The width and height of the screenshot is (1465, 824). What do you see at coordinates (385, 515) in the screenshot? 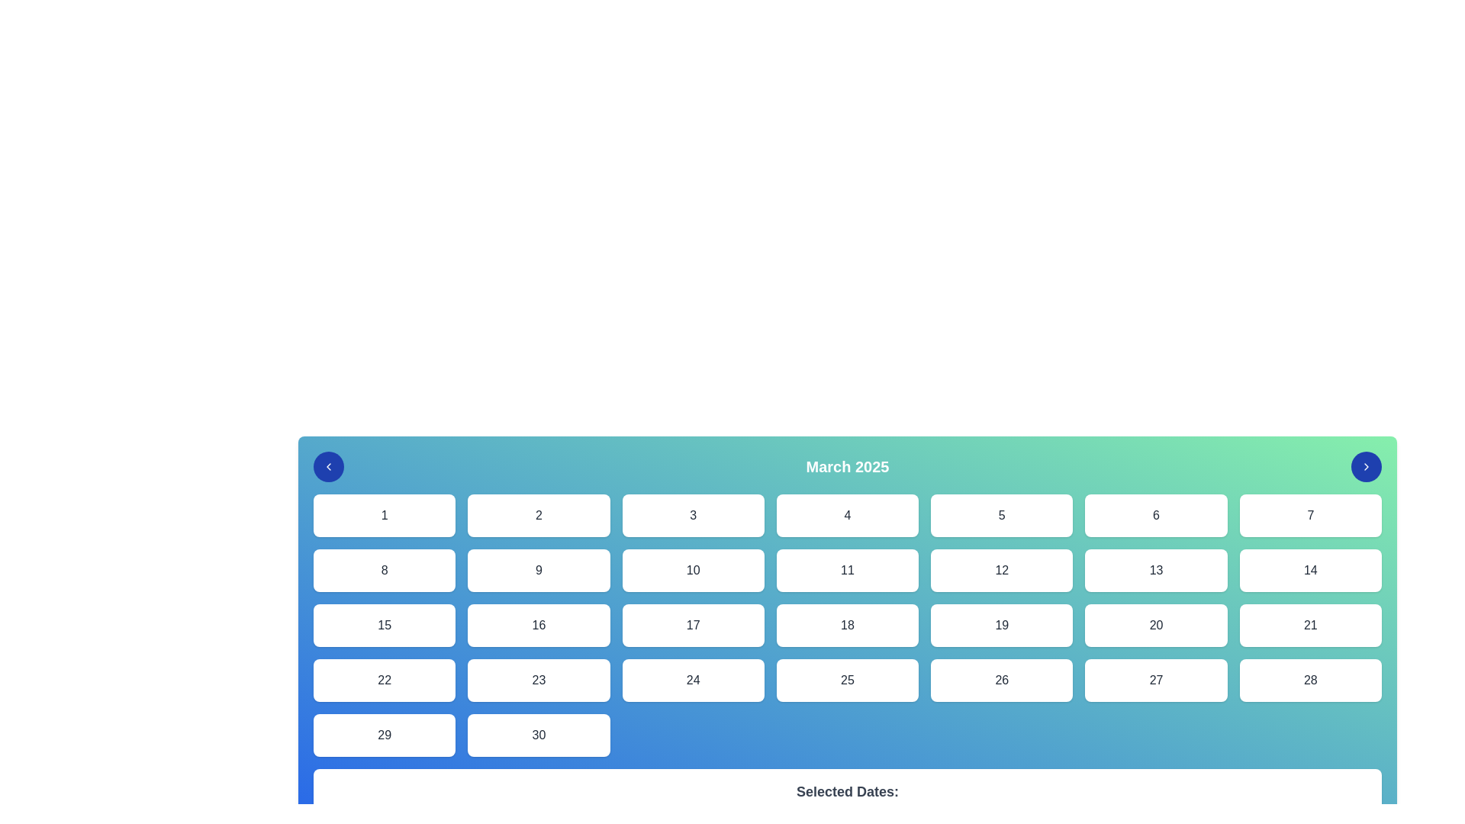
I see `the button containing the numeral '1'` at bounding box center [385, 515].